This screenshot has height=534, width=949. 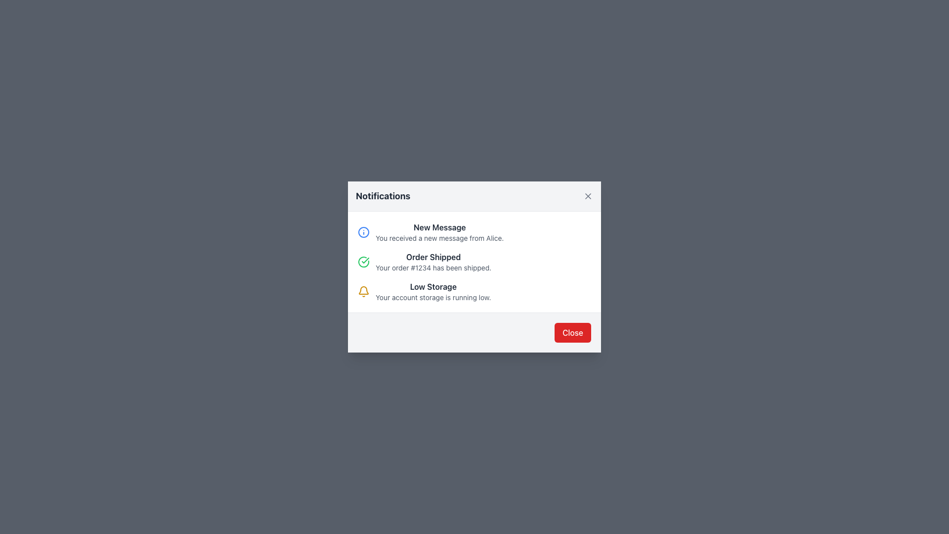 I want to click on the title text of the notification message that summarizes the alert related to account storage, which is the top text in the third notification item within the 'Notifications' dialog box, so click(x=433, y=286).